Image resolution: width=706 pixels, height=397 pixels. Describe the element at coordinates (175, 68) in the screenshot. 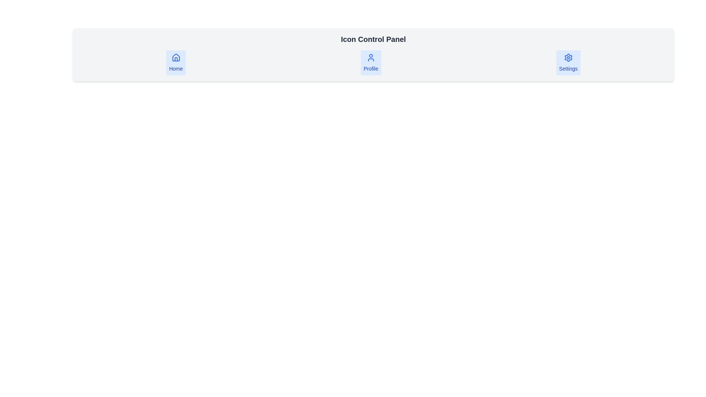

I see `the 'Home' text label, which is styled in blue and positioned directly beneath a house-shaped icon` at that location.